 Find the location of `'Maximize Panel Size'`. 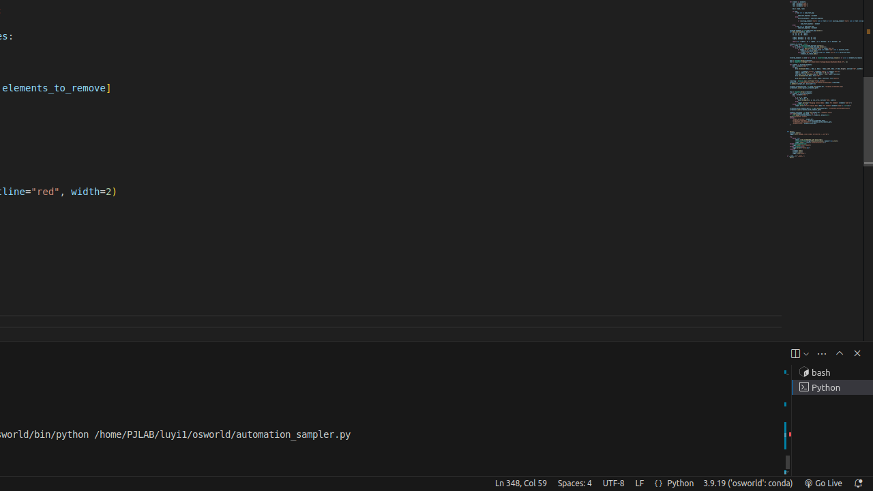

'Maximize Panel Size' is located at coordinates (838, 352).